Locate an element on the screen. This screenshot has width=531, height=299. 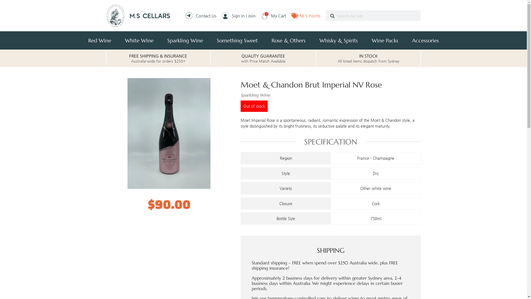
'M.S Points' is located at coordinates (305, 16).